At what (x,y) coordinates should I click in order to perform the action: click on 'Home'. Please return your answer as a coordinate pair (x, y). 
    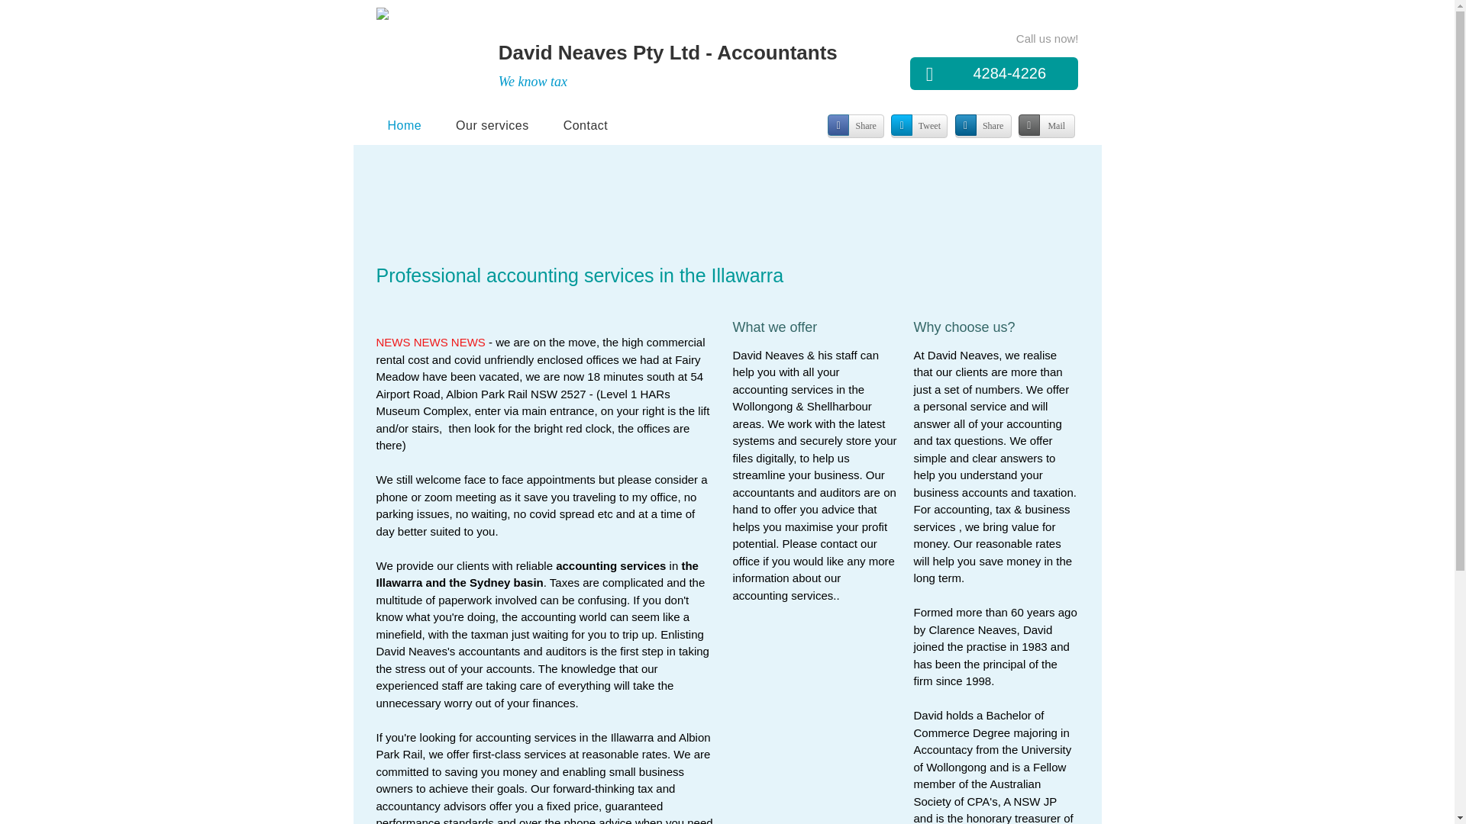
    Looking at the image, I should click on (375, 124).